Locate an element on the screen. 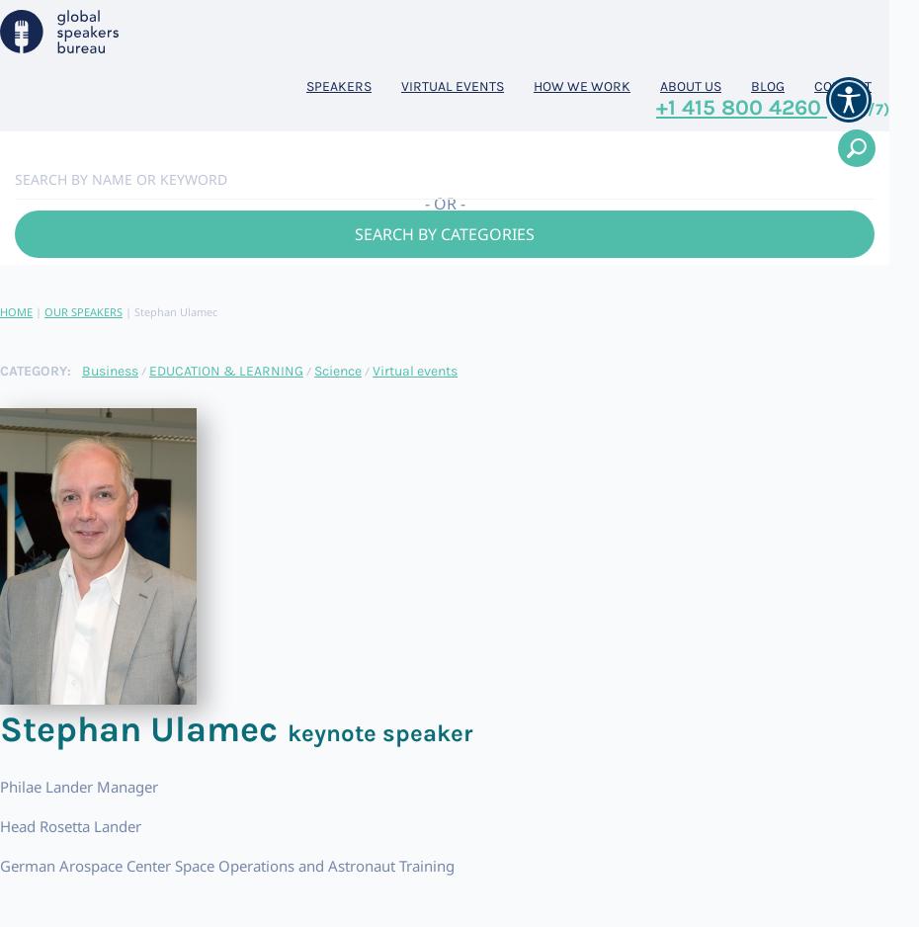 The image size is (919, 927). 'About us' is located at coordinates (690, 85).